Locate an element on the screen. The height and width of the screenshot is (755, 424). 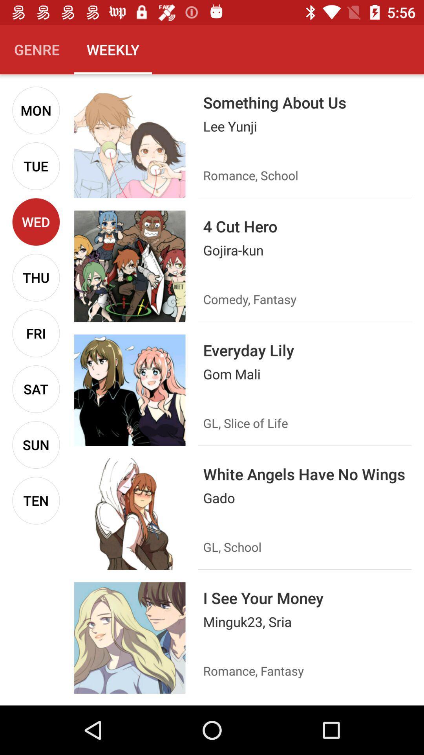
the icon below fri is located at coordinates (36, 389).